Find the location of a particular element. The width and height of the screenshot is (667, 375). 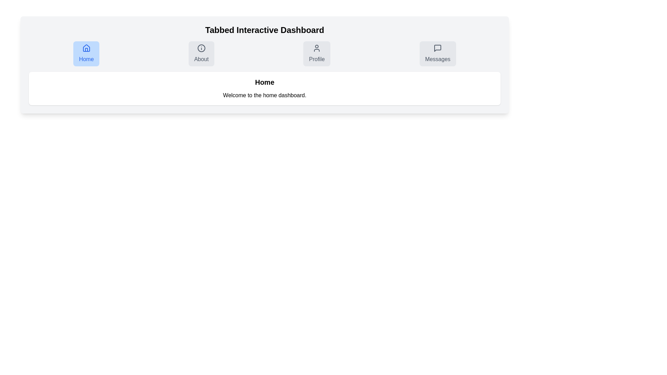

the Profile tab to navigate is located at coordinates (316, 53).